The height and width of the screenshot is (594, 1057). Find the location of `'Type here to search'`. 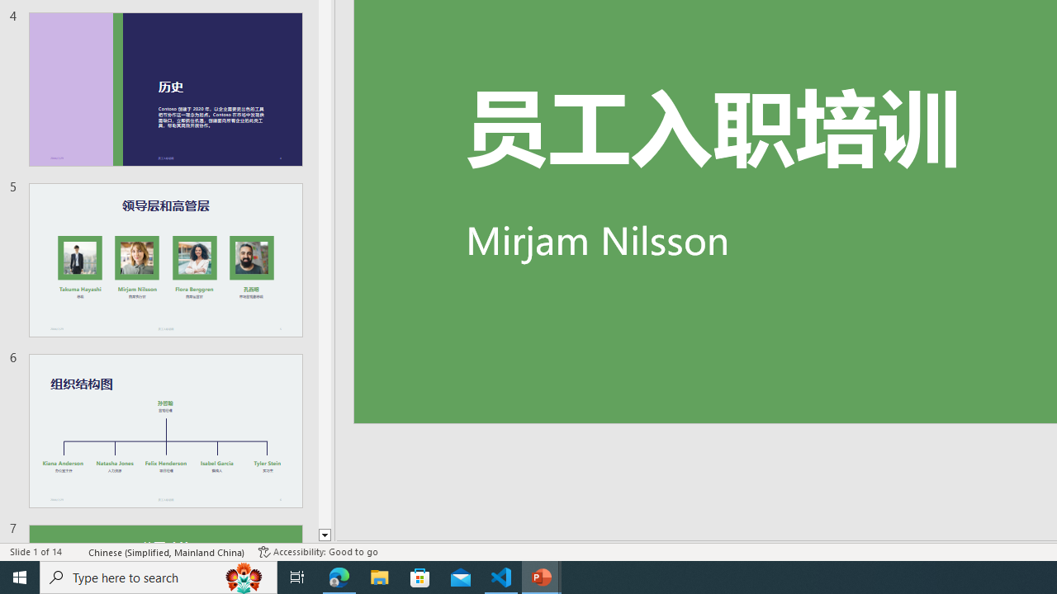

'Type here to search' is located at coordinates (159, 576).